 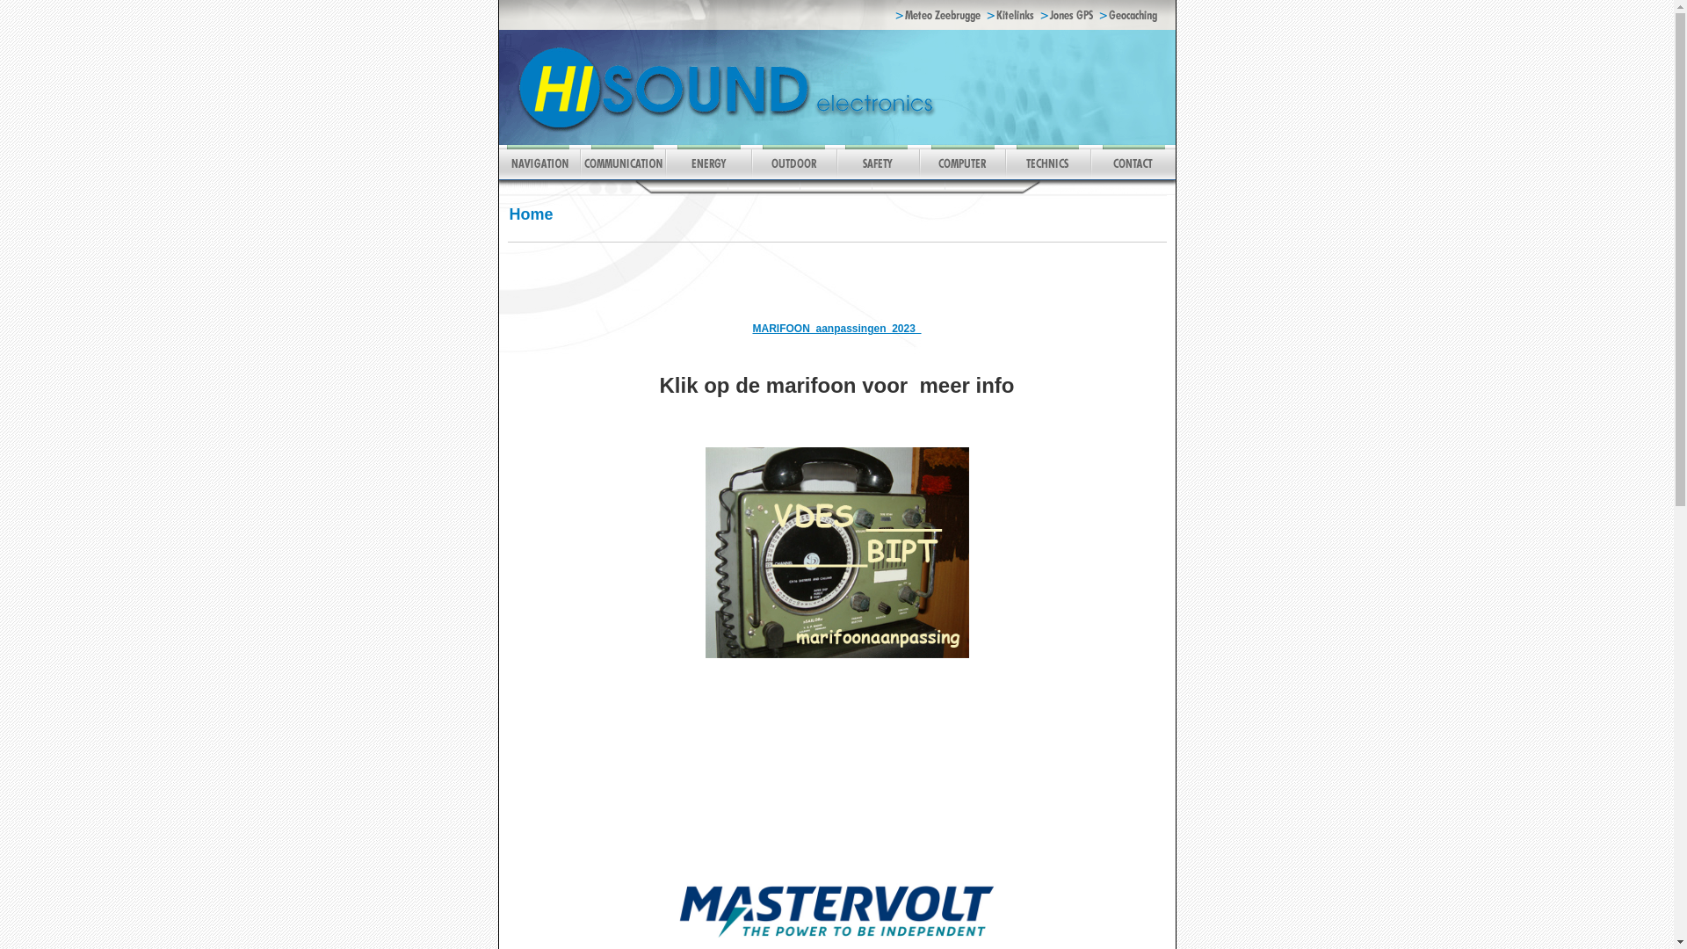 I want to click on 'Technics', so click(x=1047, y=176).